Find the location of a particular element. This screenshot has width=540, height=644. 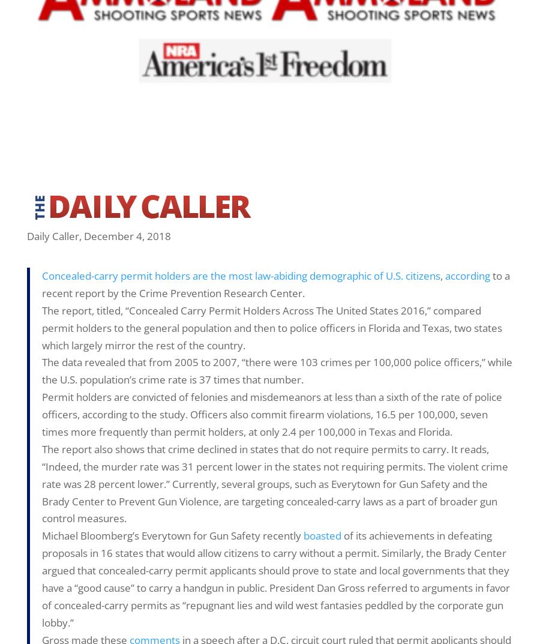

'Daily Caller, December 4, 2018' is located at coordinates (98, 235).